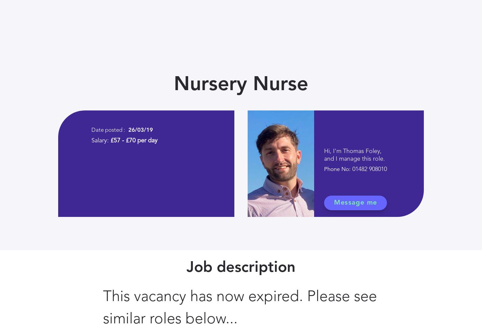  What do you see at coordinates (233, 301) in the screenshot?
I see `'How to create a teacher supply pool this term'` at bounding box center [233, 301].